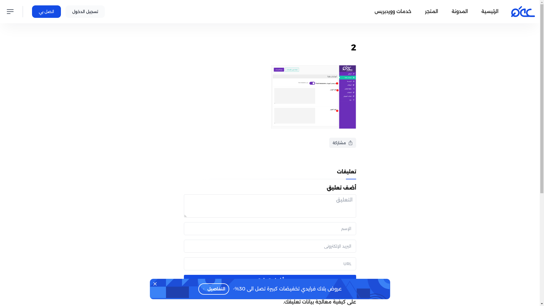  I want to click on 'Dismiss', so click(150, 284).